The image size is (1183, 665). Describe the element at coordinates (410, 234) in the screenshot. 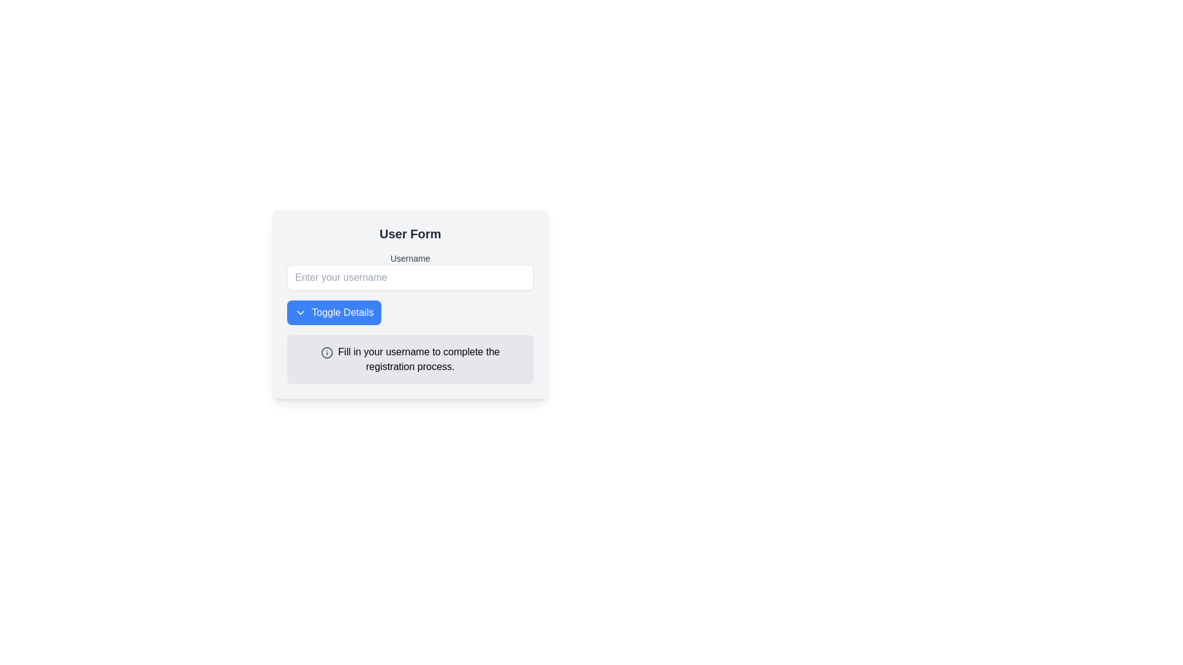

I see `the prominent header styled with larger font size and bold, dark gray text located at the top of the card-like section` at that location.